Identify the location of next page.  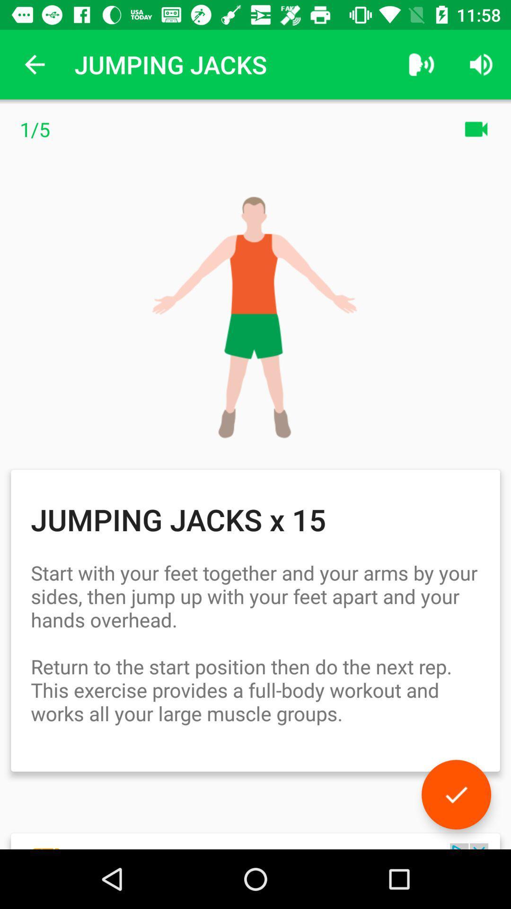
(456, 794).